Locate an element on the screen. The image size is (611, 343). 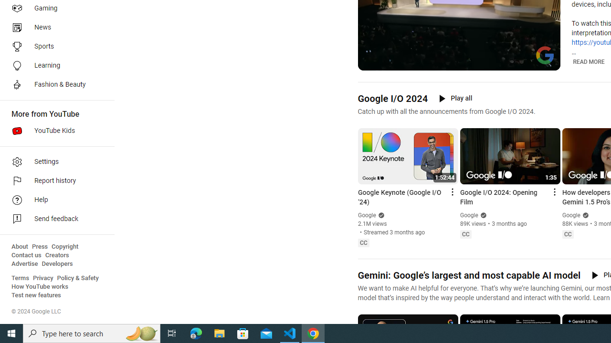
'How YouTube works' is located at coordinates (39, 286).